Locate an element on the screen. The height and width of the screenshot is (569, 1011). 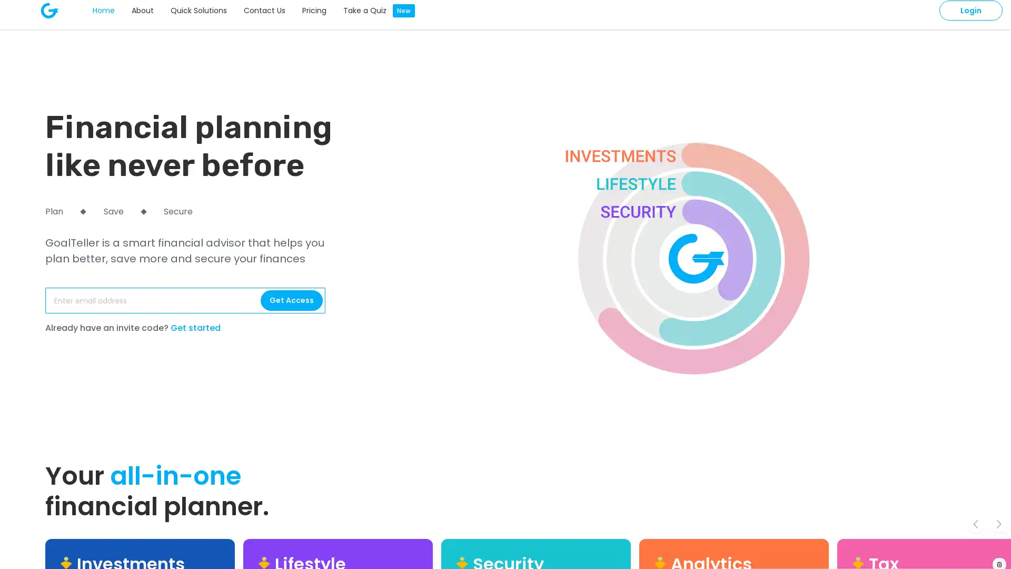
Next slide is located at coordinates (998, 524).